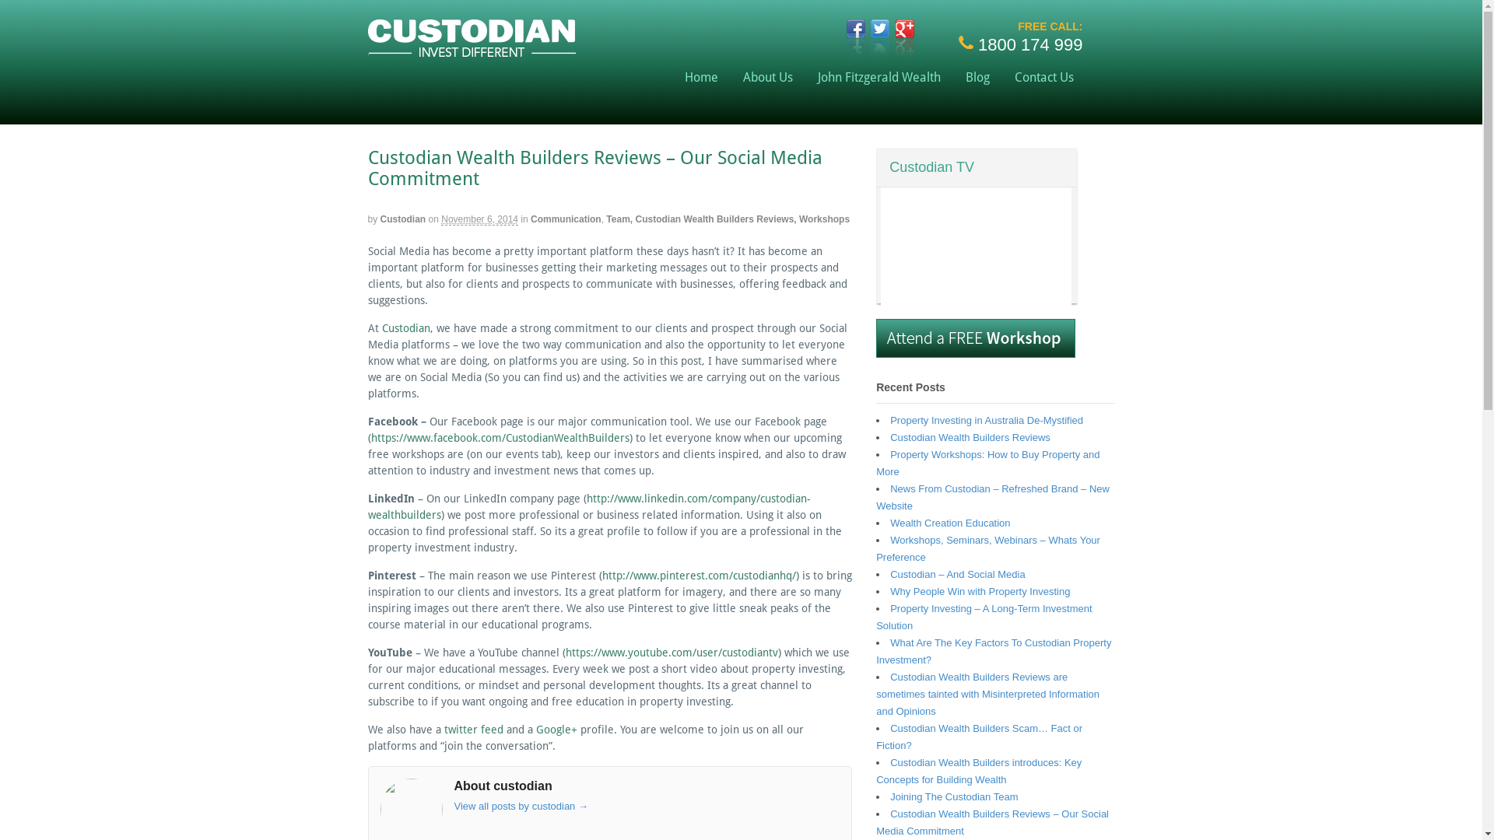  What do you see at coordinates (952, 796) in the screenshot?
I see `'Joining The Custodian Team'` at bounding box center [952, 796].